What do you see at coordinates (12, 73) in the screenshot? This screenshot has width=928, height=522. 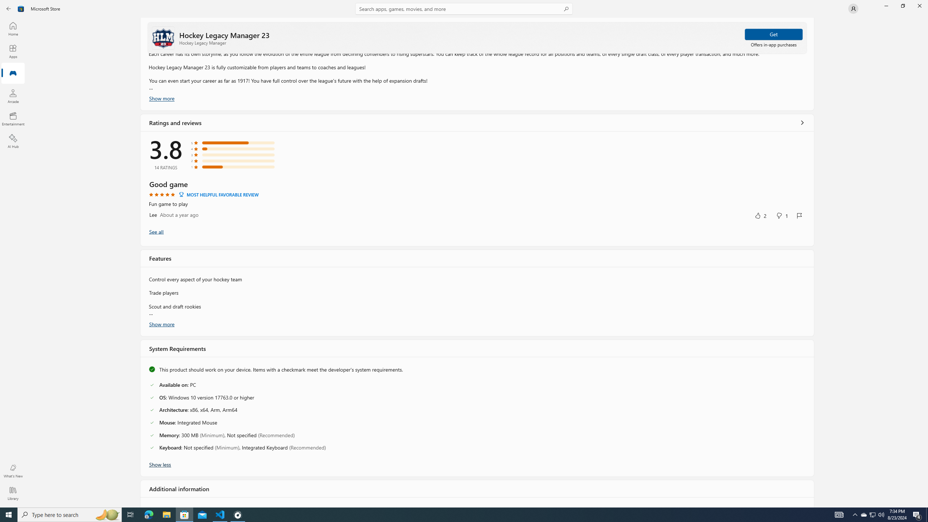 I see `'Gaming'` at bounding box center [12, 73].